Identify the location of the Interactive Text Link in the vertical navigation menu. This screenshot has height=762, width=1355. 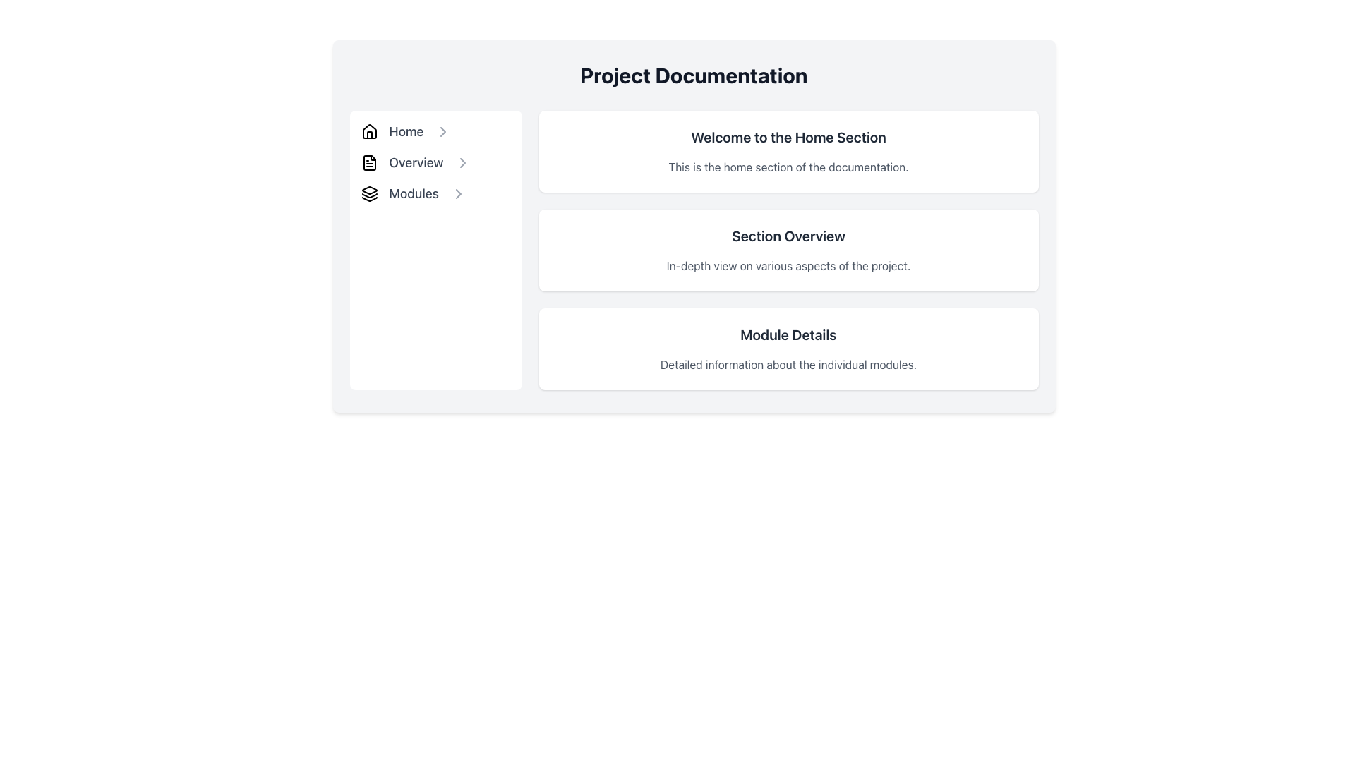
(413, 193).